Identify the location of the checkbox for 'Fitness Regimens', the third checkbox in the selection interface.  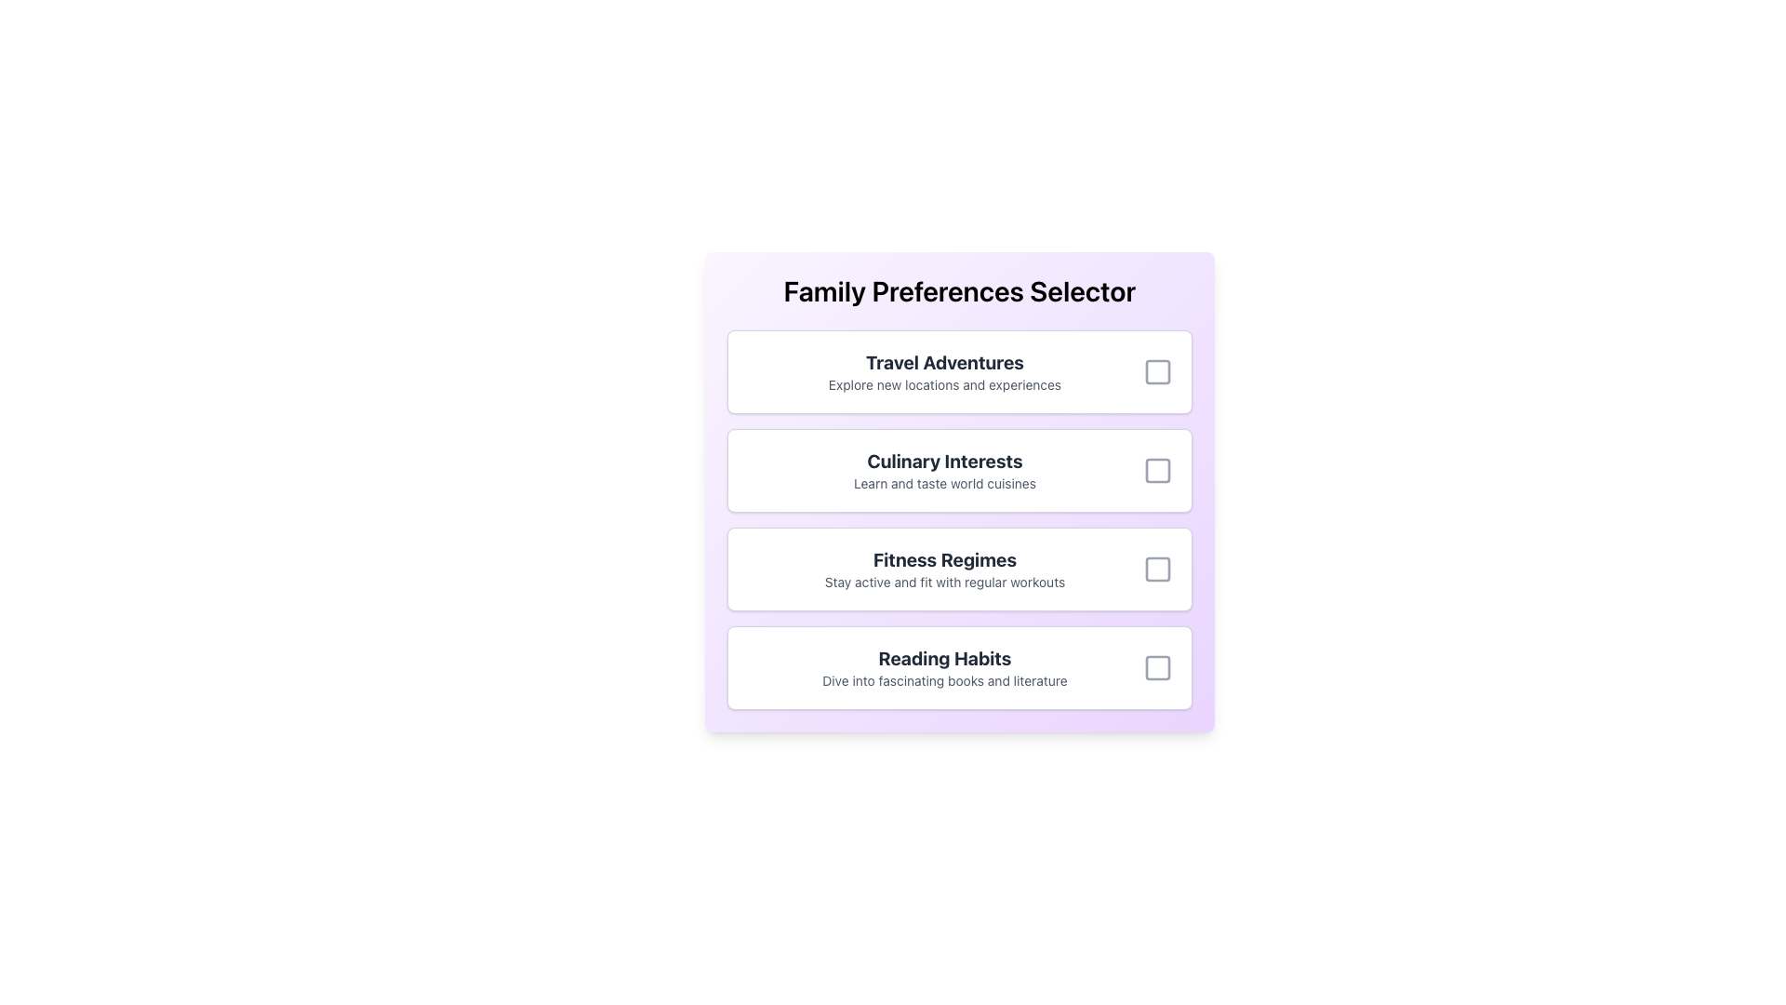
(1156, 569).